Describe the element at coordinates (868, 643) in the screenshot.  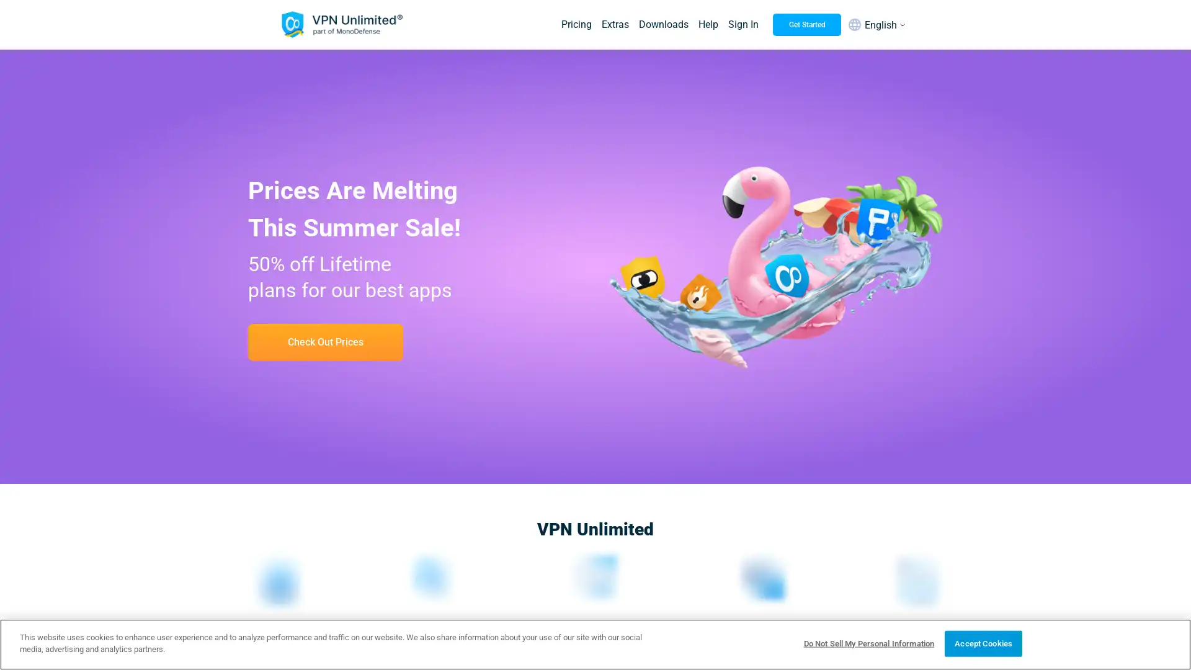
I see `Do Not Sell My Personal Information` at that location.